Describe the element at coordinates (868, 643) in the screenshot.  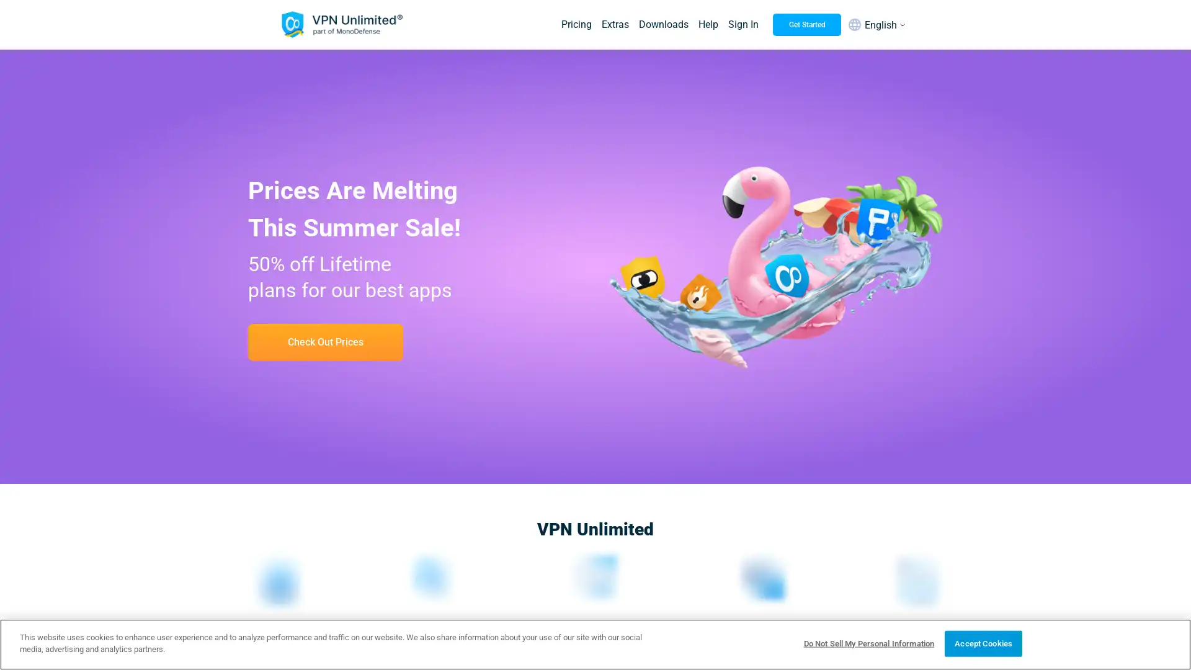
I see `Do Not Sell My Personal Information` at that location.